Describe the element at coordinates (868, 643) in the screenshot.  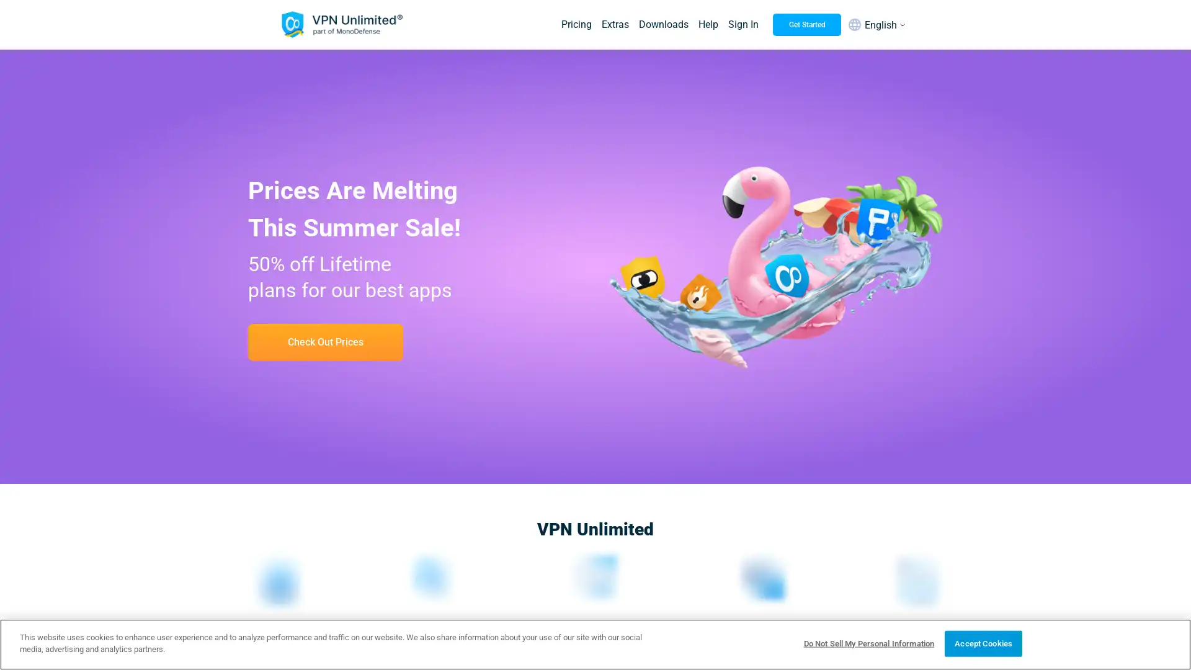
I see `Do Not Sell My Personal Information` at that location.